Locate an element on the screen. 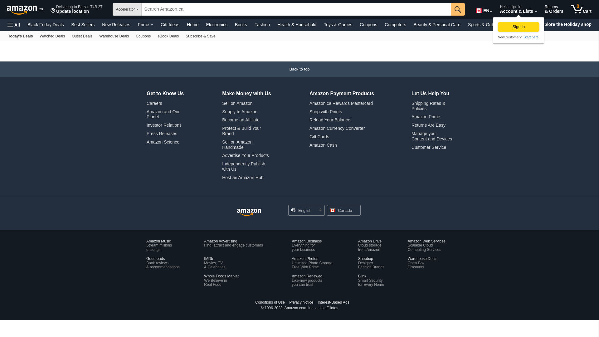 The width and height of the screenshot is (599, 337). 'Customer Service' is located at coordinates (428, 147).